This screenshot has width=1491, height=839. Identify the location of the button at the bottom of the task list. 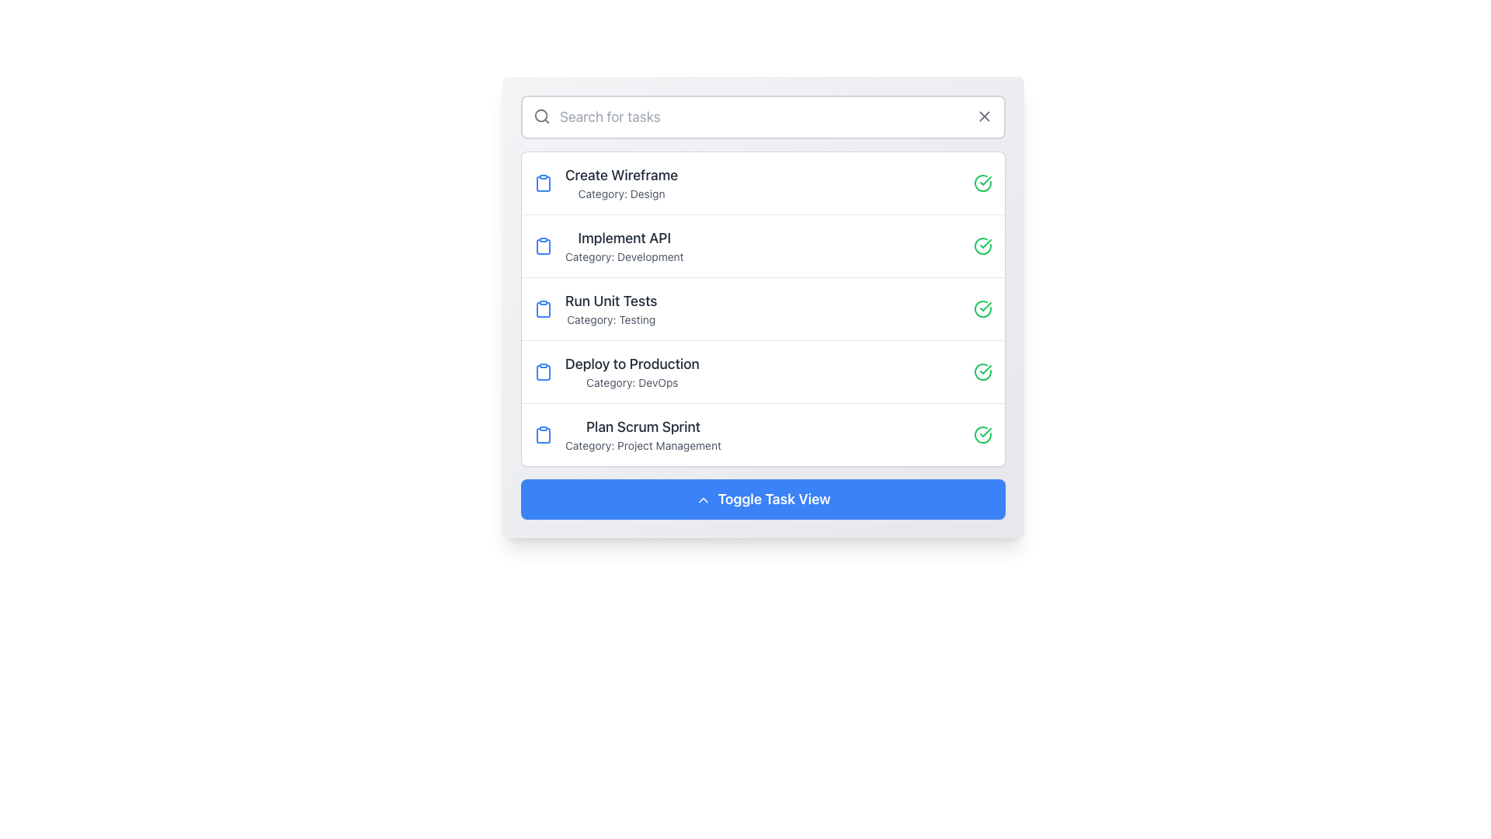
(763, 500).